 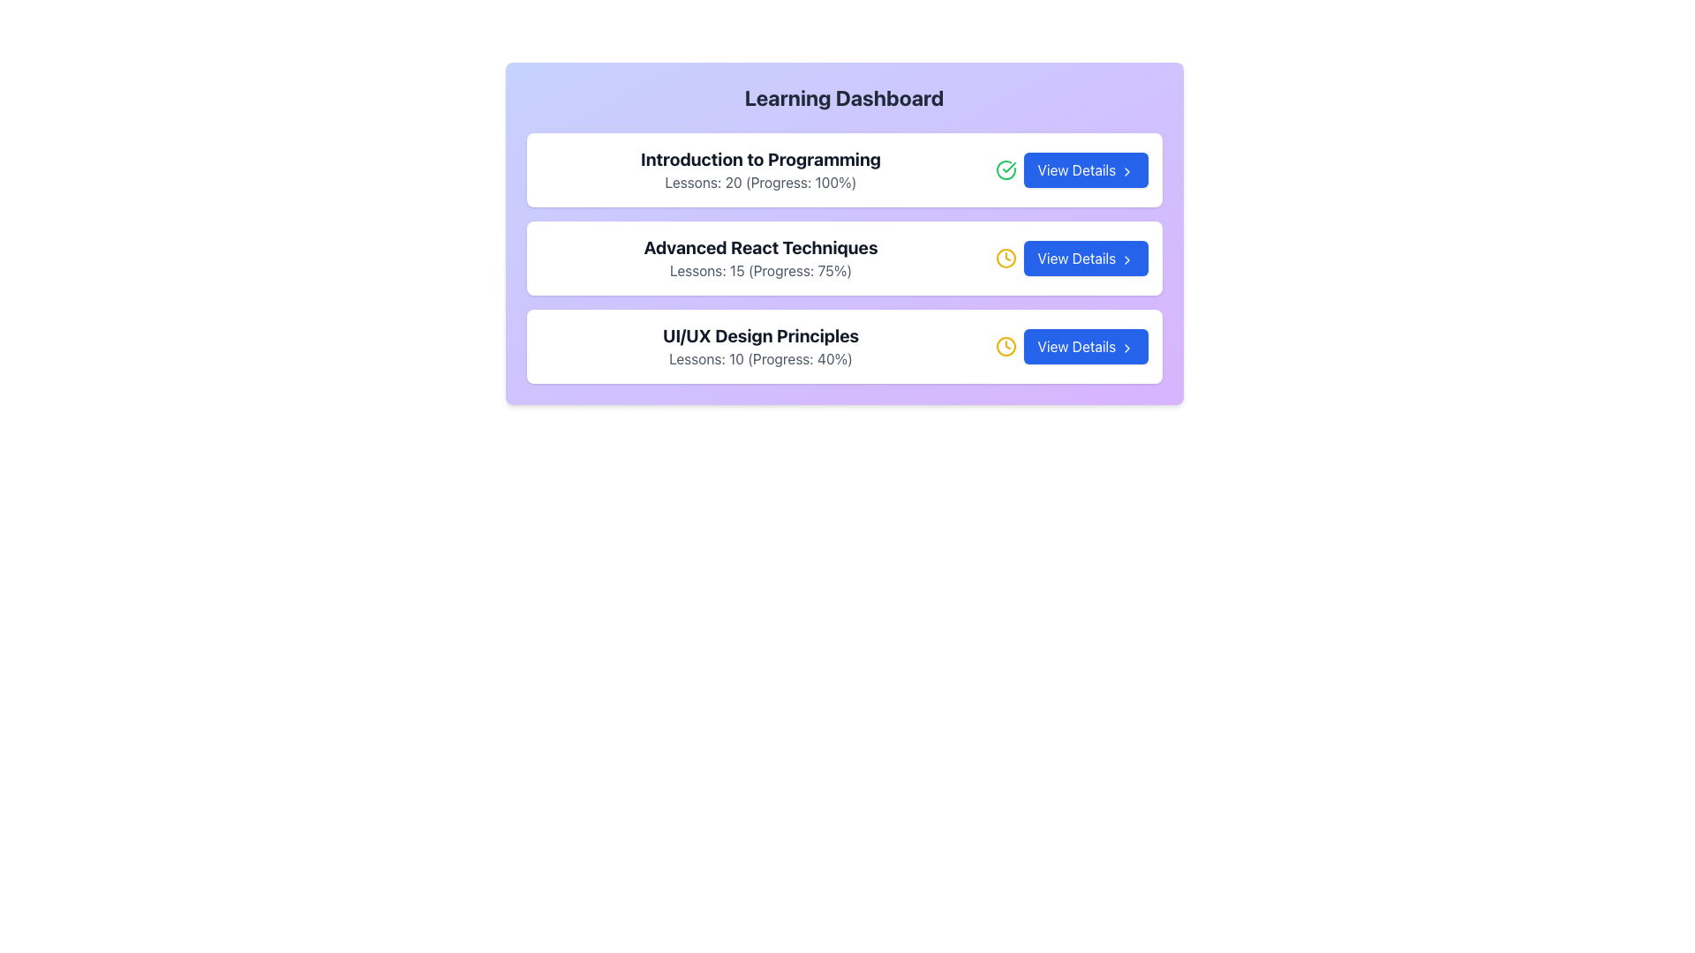 What do you see at coordinates (761, 271) in the screenshot?
I see `text label displaying 'Lessons: 15 (Progress: 75%)' located directly beneath the title 'Advanced React Techniques'` at bounding box center [761, 271].